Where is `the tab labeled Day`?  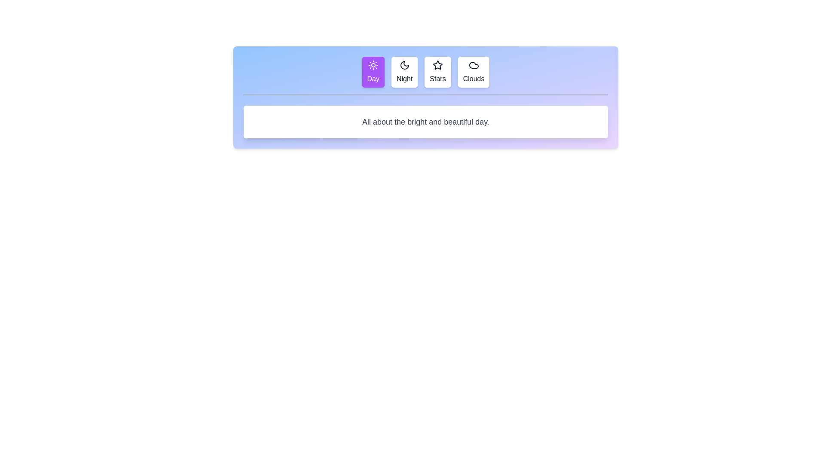 the tab labeled Day is located at coordinates (373, 72).